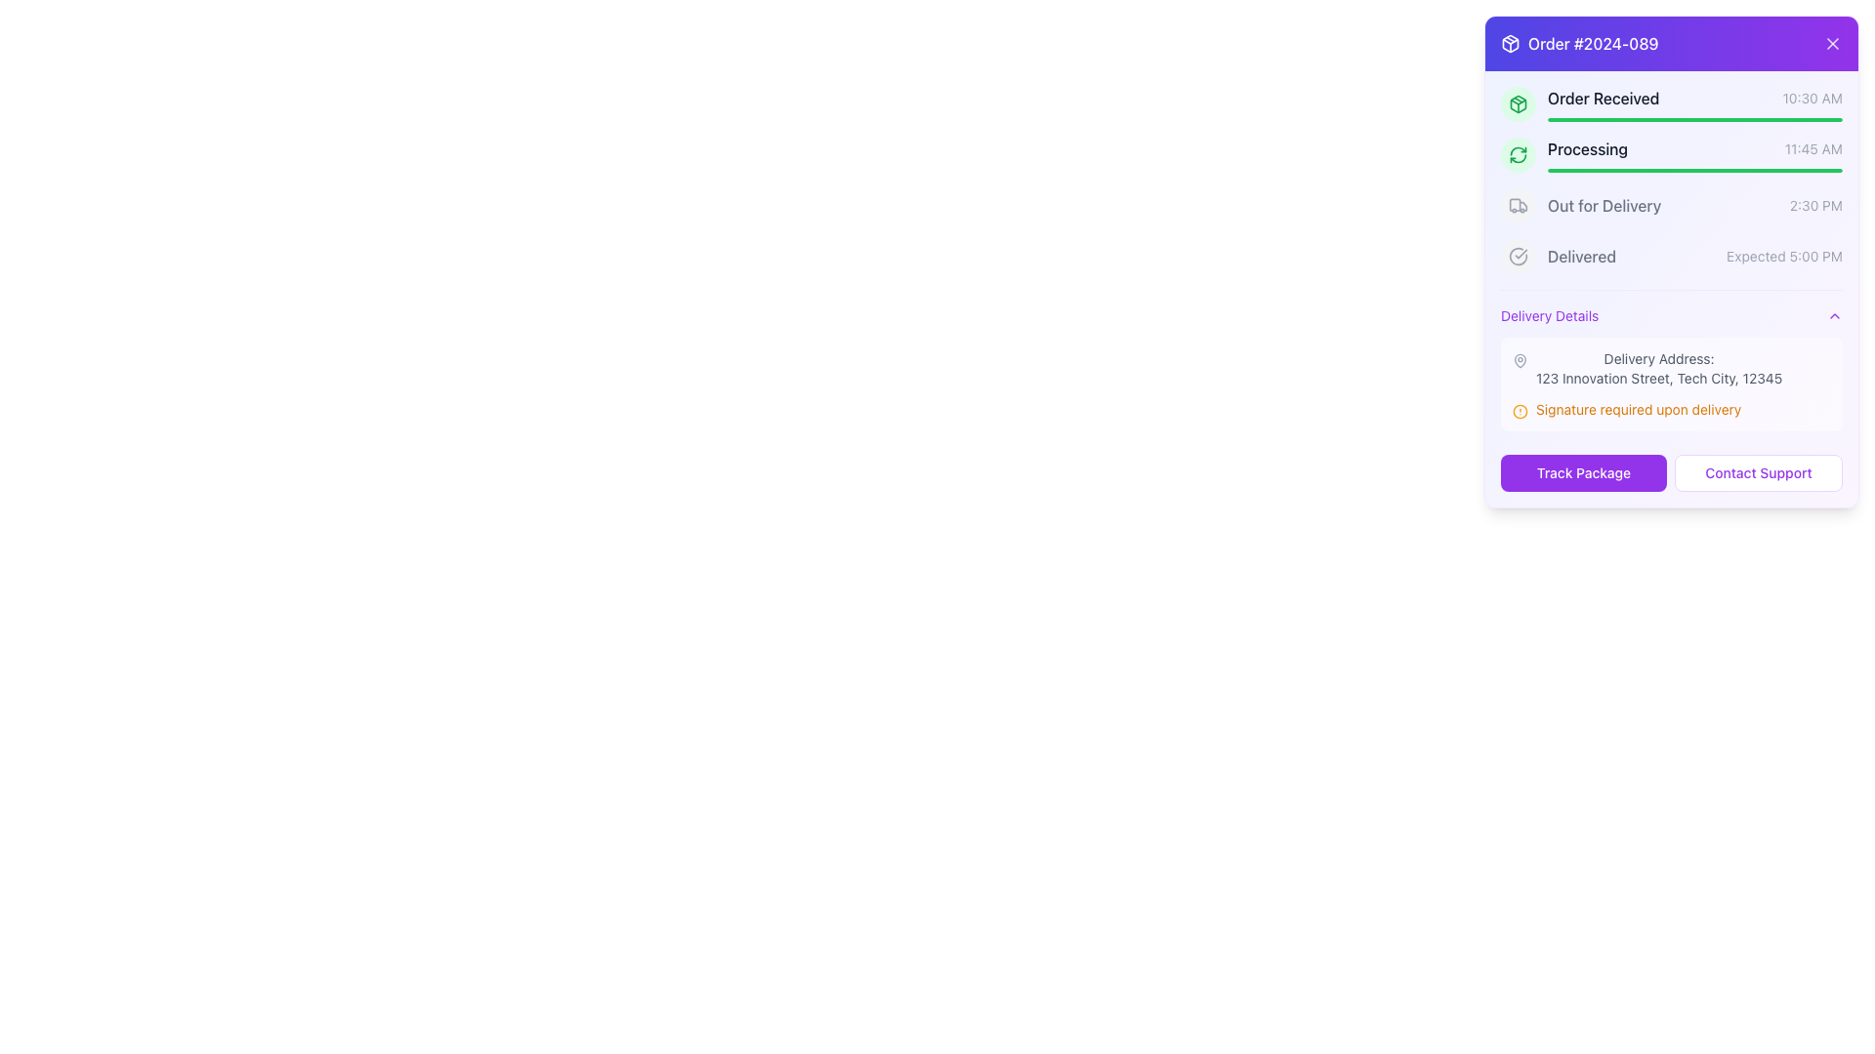 Image resolution: width=1875 pixels, height=1054 pixels. Describe the element at coordinates (1518, 104) in the screenshot. I see `the small, cubic package icon with green outlines located in the header section of the right-side panel, to the left of the text 'Order #2024-089'` at that location.